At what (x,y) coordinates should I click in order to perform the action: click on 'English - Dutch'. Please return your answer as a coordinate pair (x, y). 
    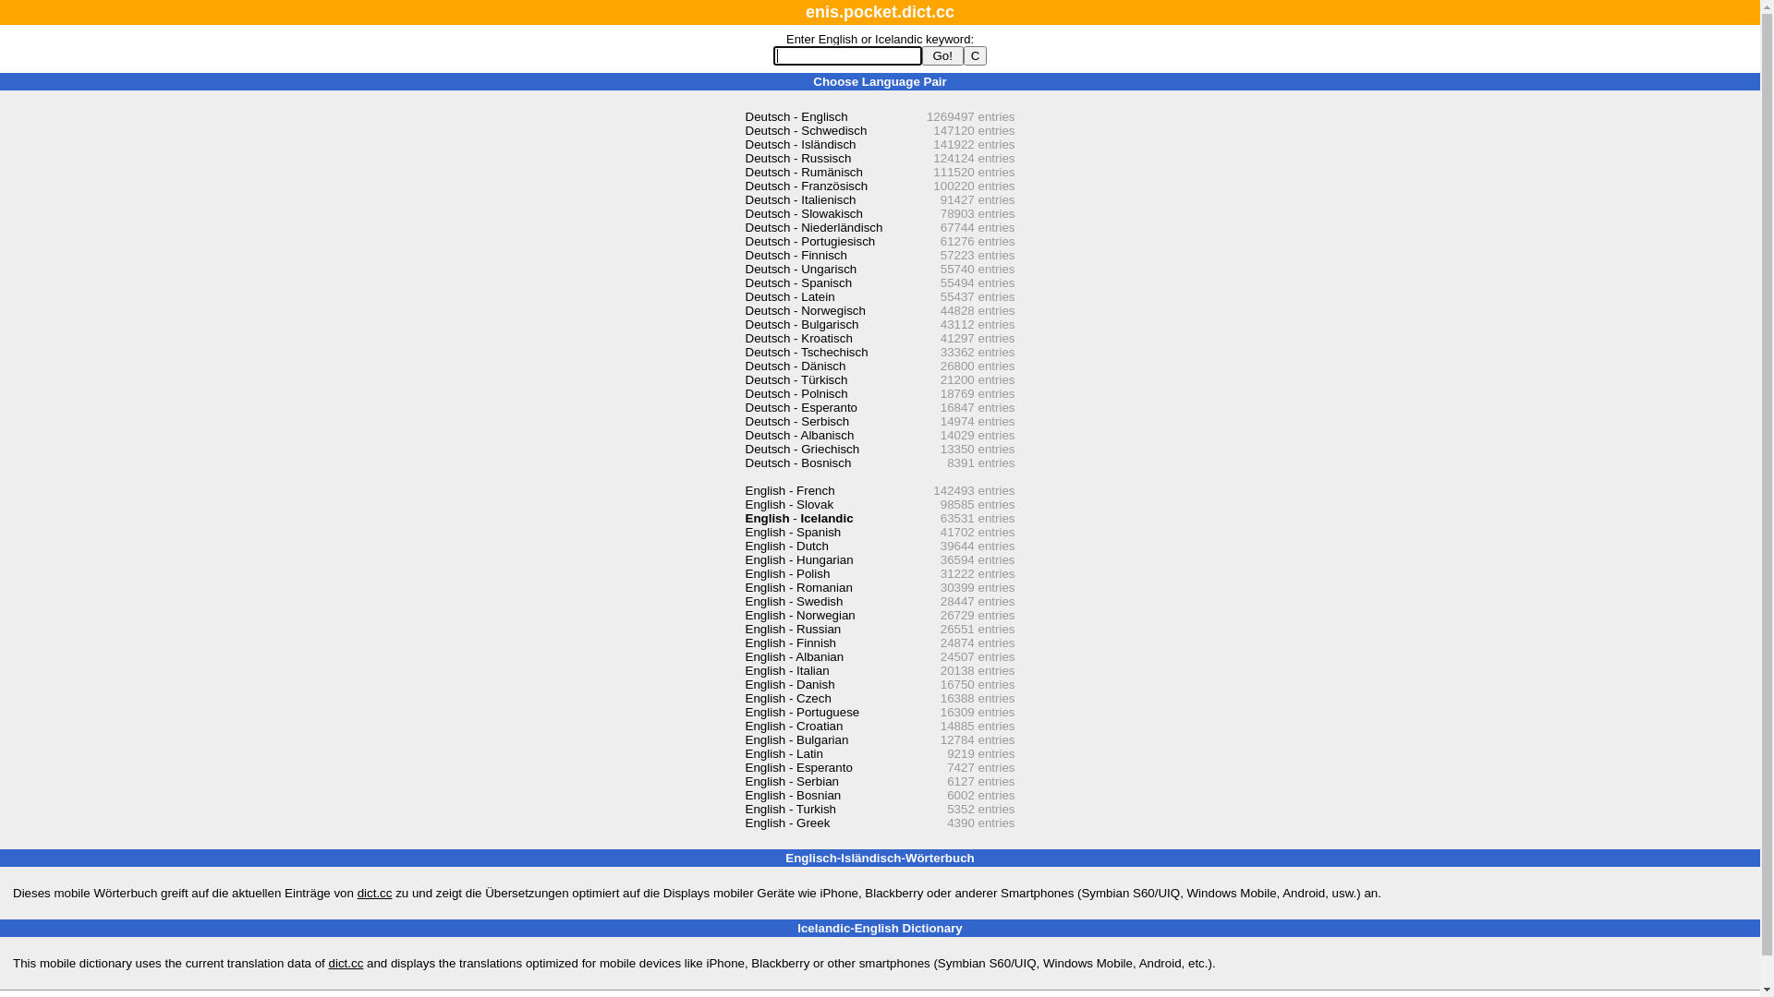
    Looking at the image, I should click on (785, 545).